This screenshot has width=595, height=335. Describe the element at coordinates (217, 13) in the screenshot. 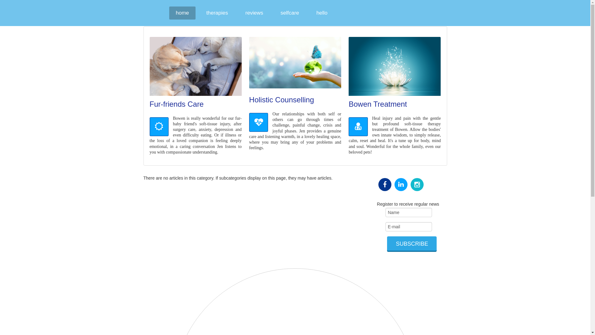

I see `'therapies'` at that location.